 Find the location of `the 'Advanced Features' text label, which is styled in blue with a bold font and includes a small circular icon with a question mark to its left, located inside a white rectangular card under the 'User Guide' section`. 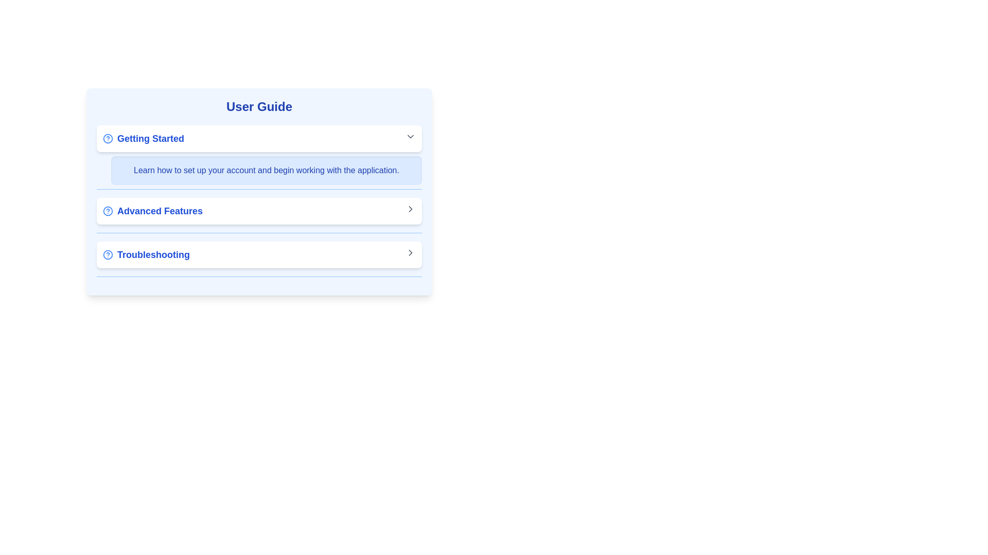

the 'Advanced Features' text label, which is styled in blue with a bold font and includes a small circular icon with a question mark to its left, located inside a white rectangular card under the 'User Guide' section is located at coordinates (152, 211).